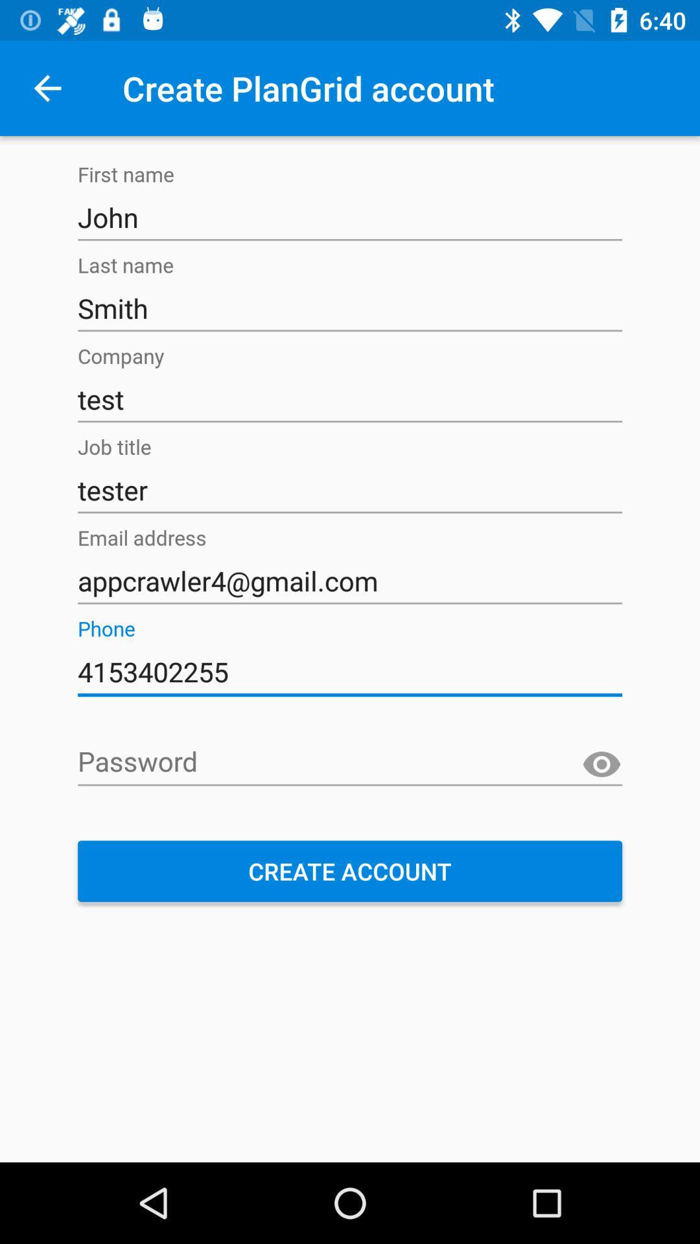  What do you see at coordinates (350, 399) in the screenshot?
I see `the text field below company` at bounding box center [350, 399].